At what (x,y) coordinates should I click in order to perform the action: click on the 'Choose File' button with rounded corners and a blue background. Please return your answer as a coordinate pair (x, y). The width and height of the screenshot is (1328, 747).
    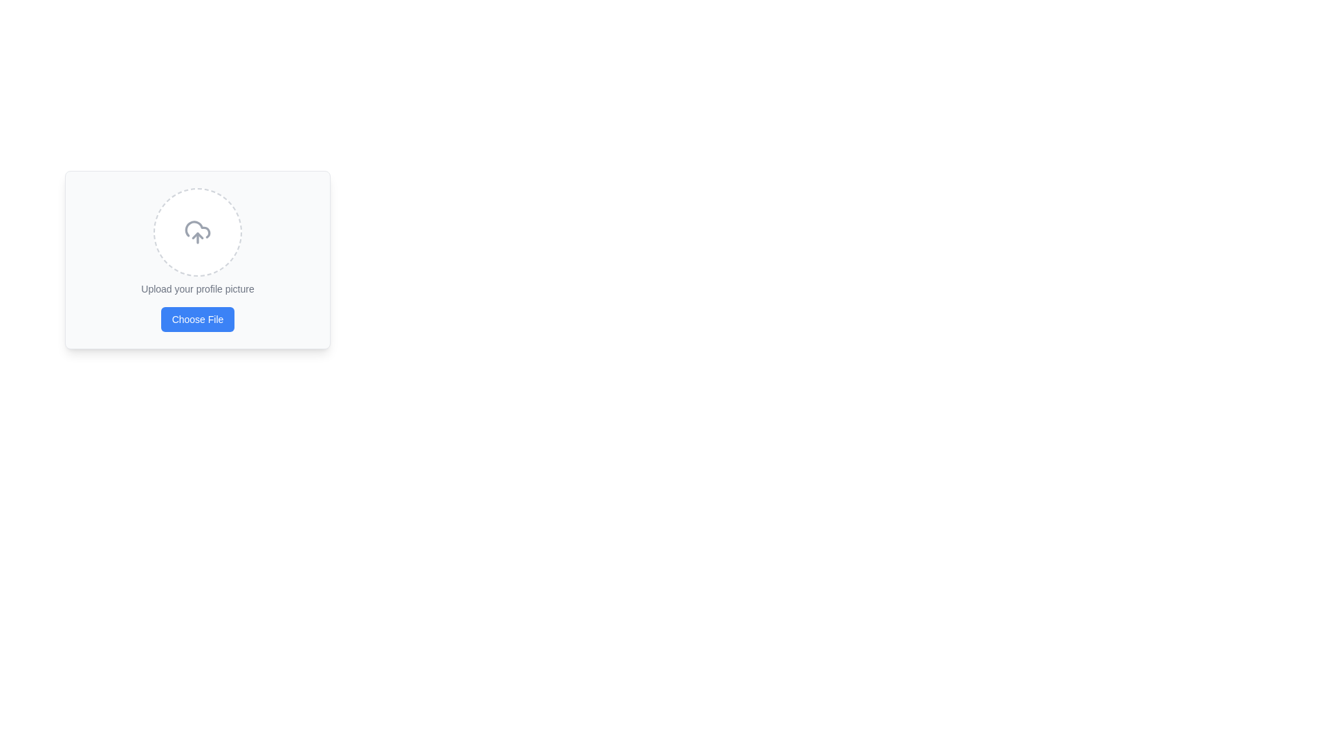
    Looking at the image, I should click on (197, 320).